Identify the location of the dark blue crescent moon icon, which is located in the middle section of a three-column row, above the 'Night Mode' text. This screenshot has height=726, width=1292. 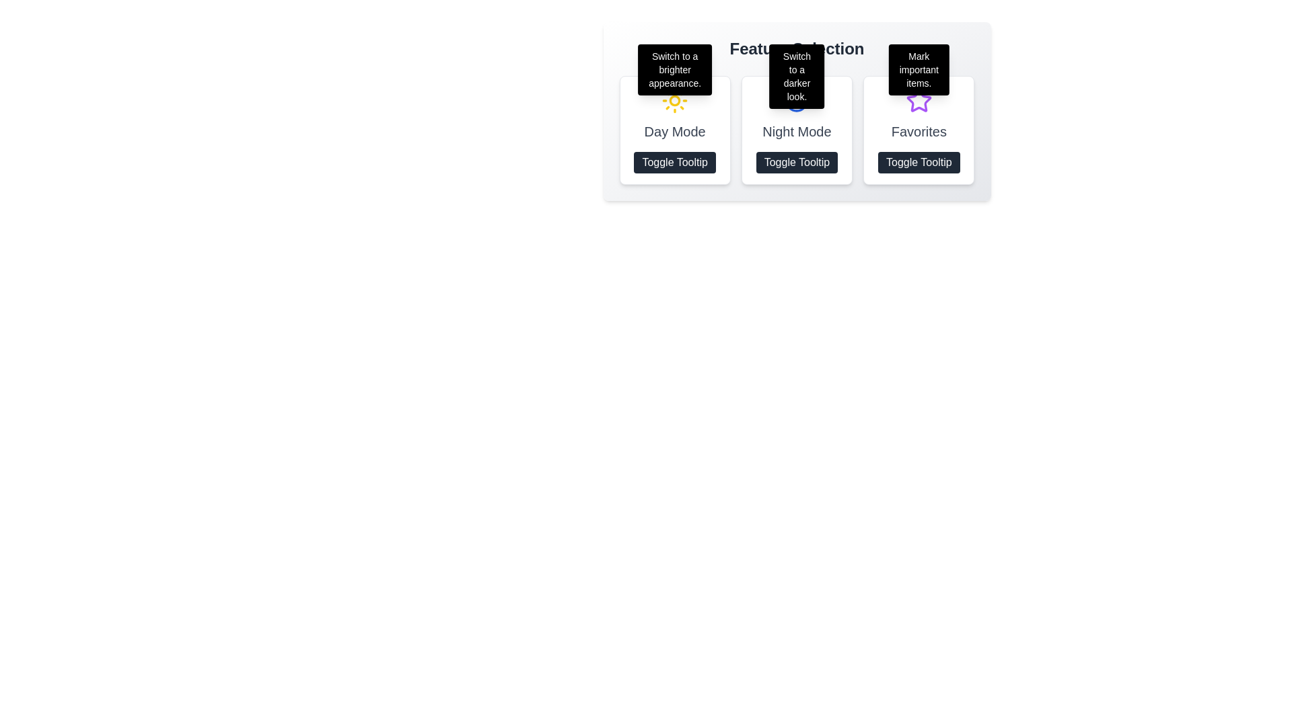
(797, 100).